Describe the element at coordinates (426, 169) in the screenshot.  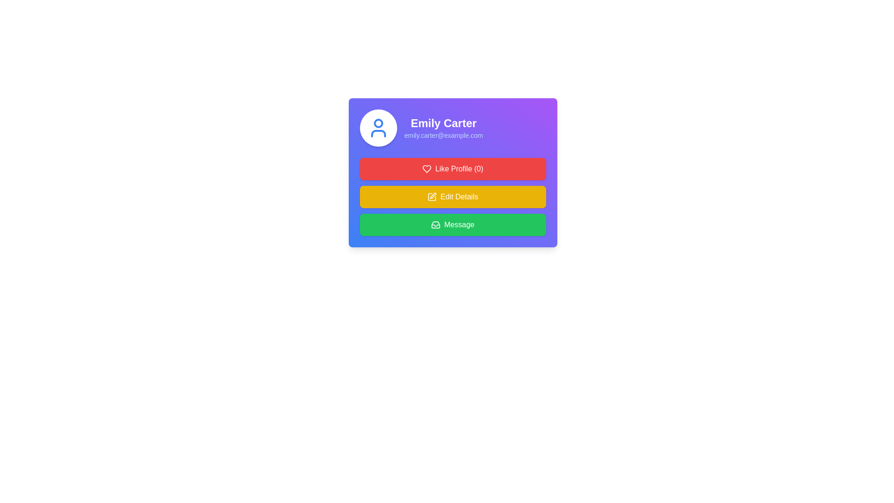
I see `the heart icon located at the left side of the 'Like Profile (0)' button, which is visually centered with the button's text` at that location.